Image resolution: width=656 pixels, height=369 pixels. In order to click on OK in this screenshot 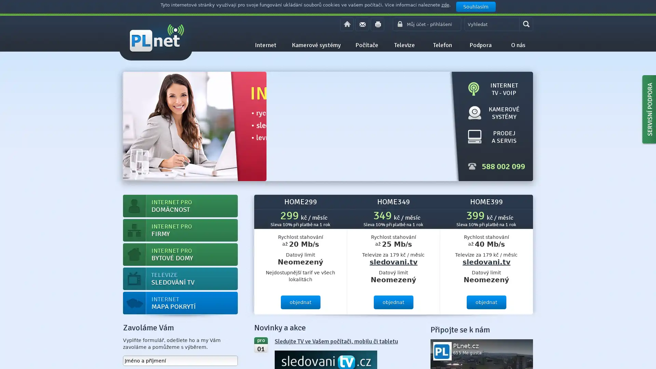, I will do `click(526, 24)`.